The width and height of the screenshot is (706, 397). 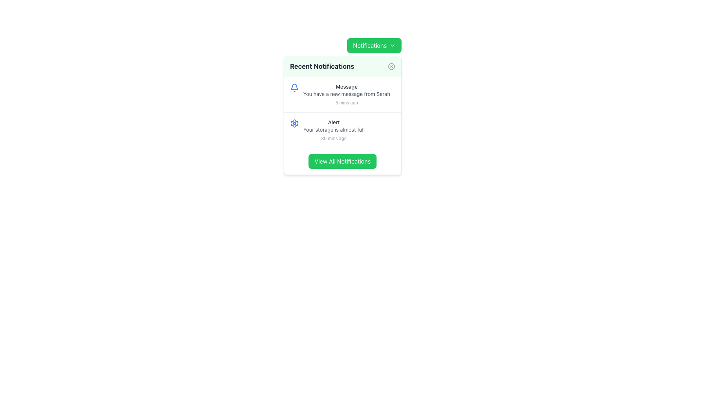 What do you see at coordinates (342, 161) in the screenshot?
I see `the notifications button located in the upper-right area of the interface` at bounding box center [342, 161].